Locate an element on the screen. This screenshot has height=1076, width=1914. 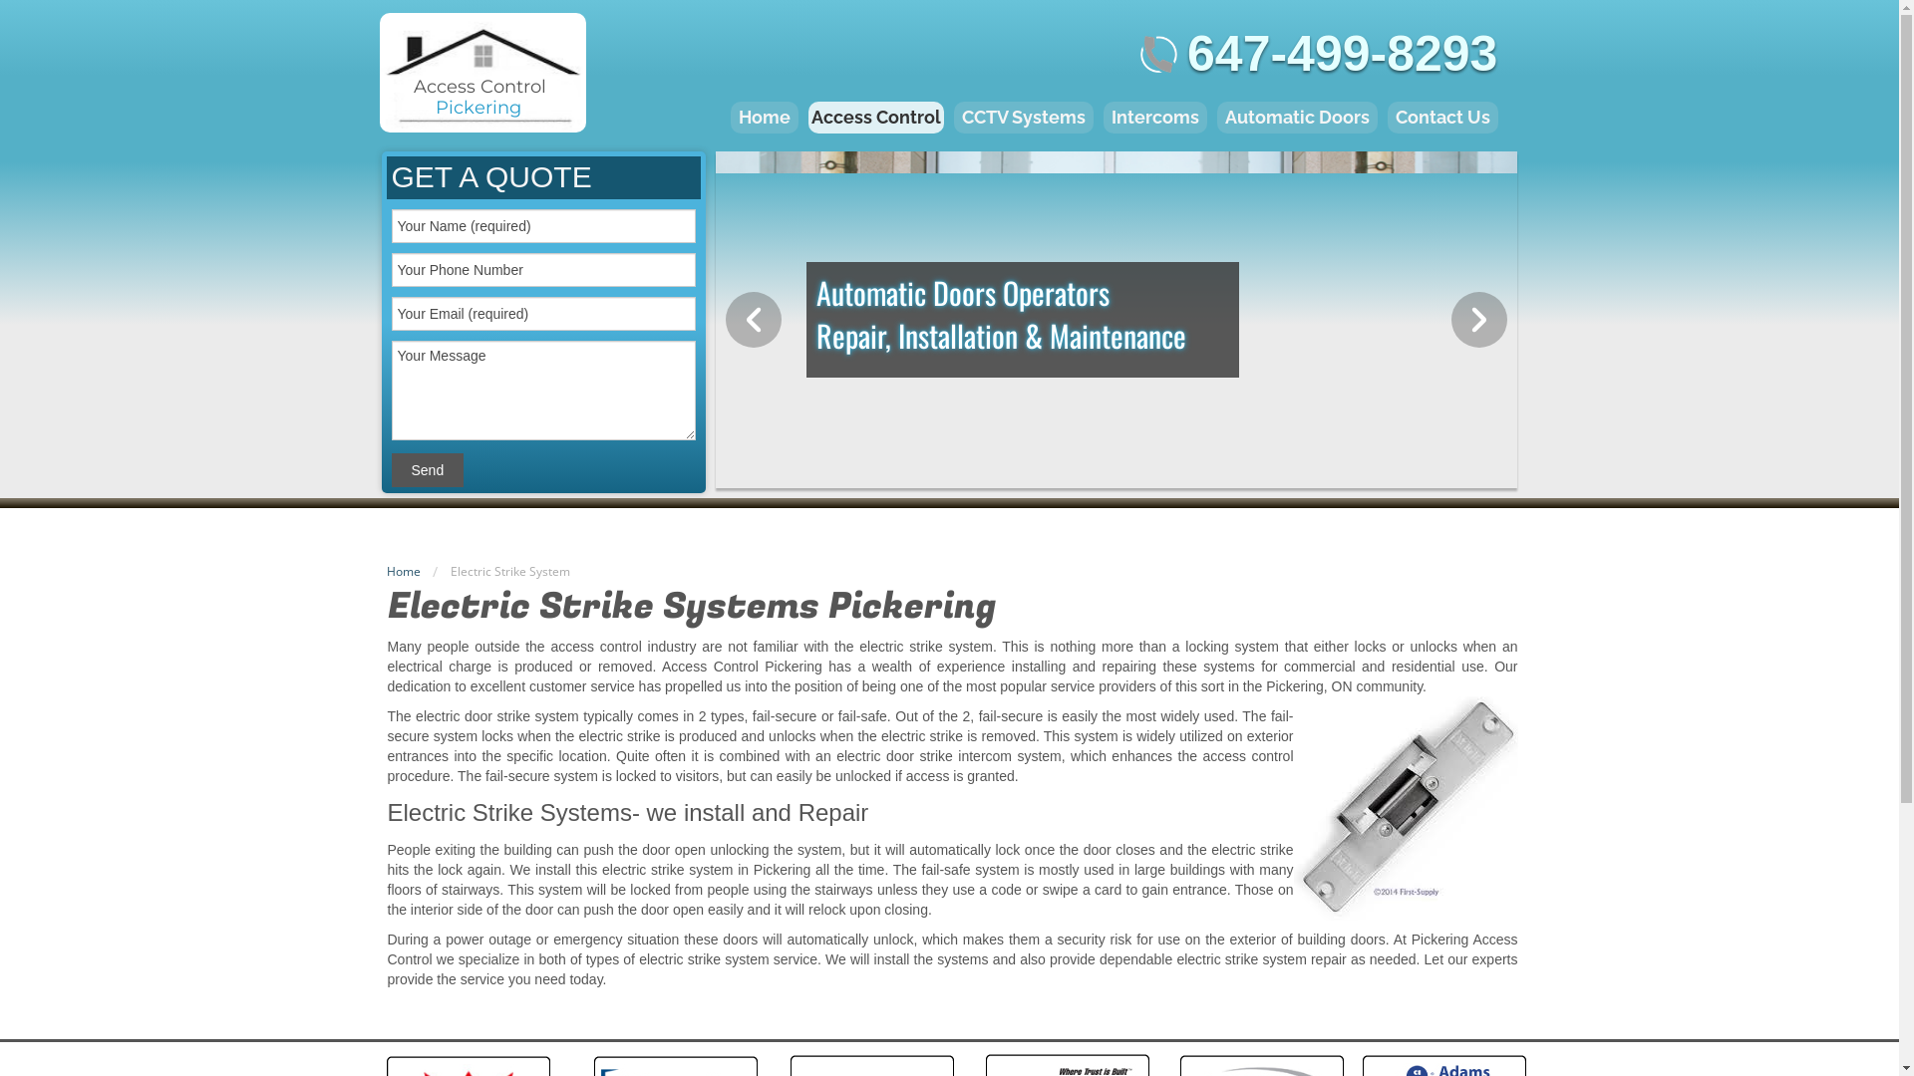
'Access Control' is located at coordinates (875, 118).